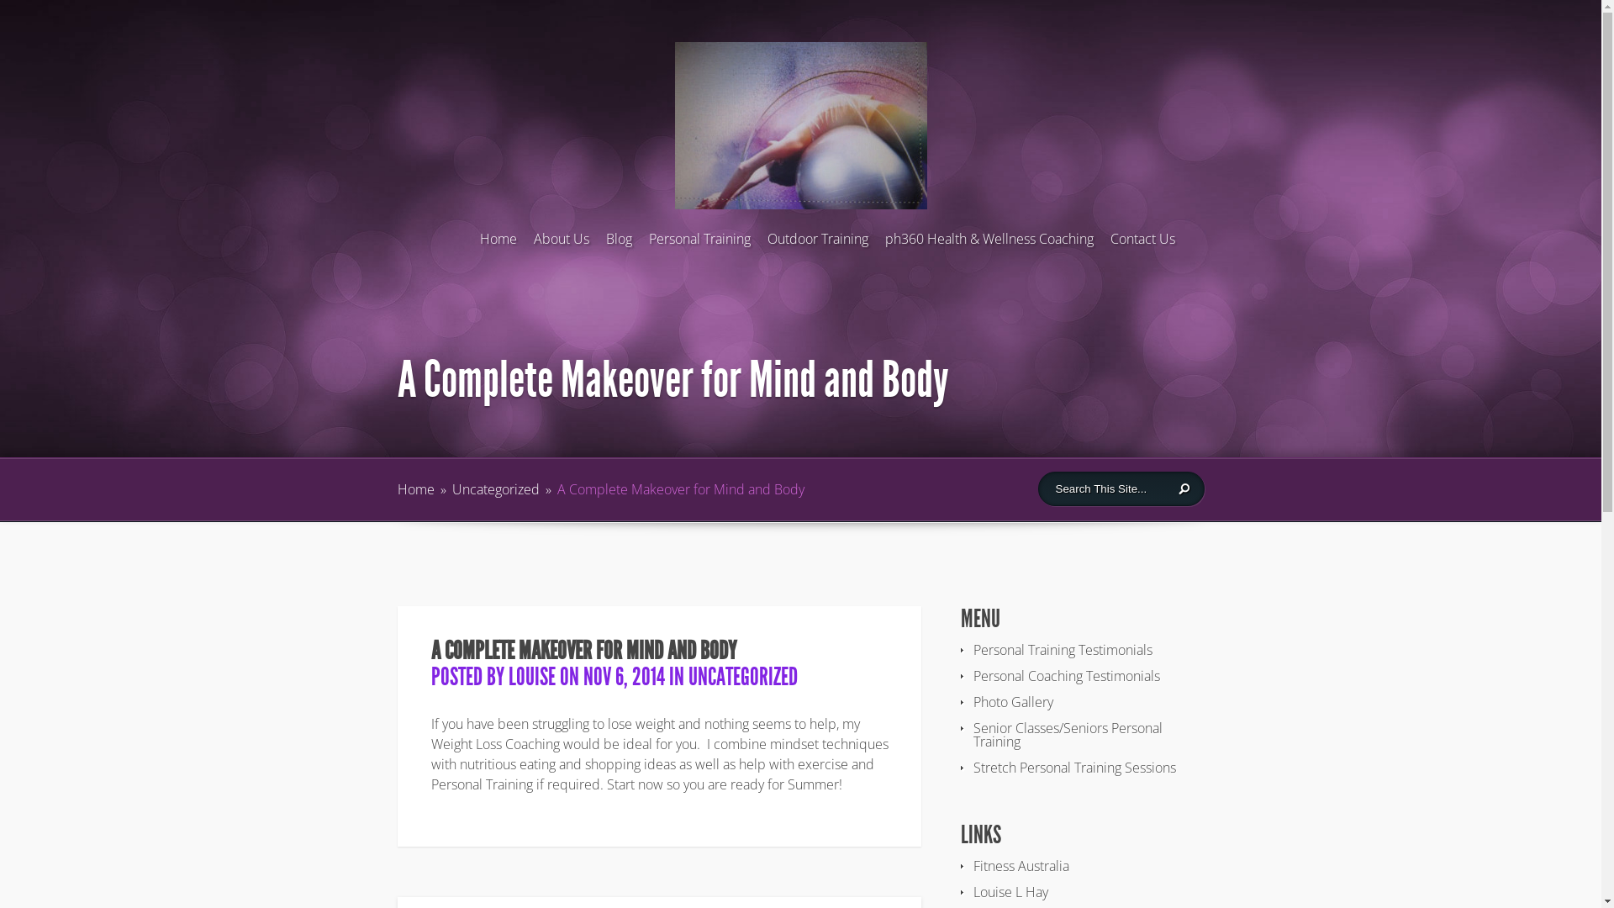 The width and height of the screenshot is (1614, 908). Describe the element at coordinates (1020, 865) in the screenshot. I see `'Fitness Australia'` at that location.